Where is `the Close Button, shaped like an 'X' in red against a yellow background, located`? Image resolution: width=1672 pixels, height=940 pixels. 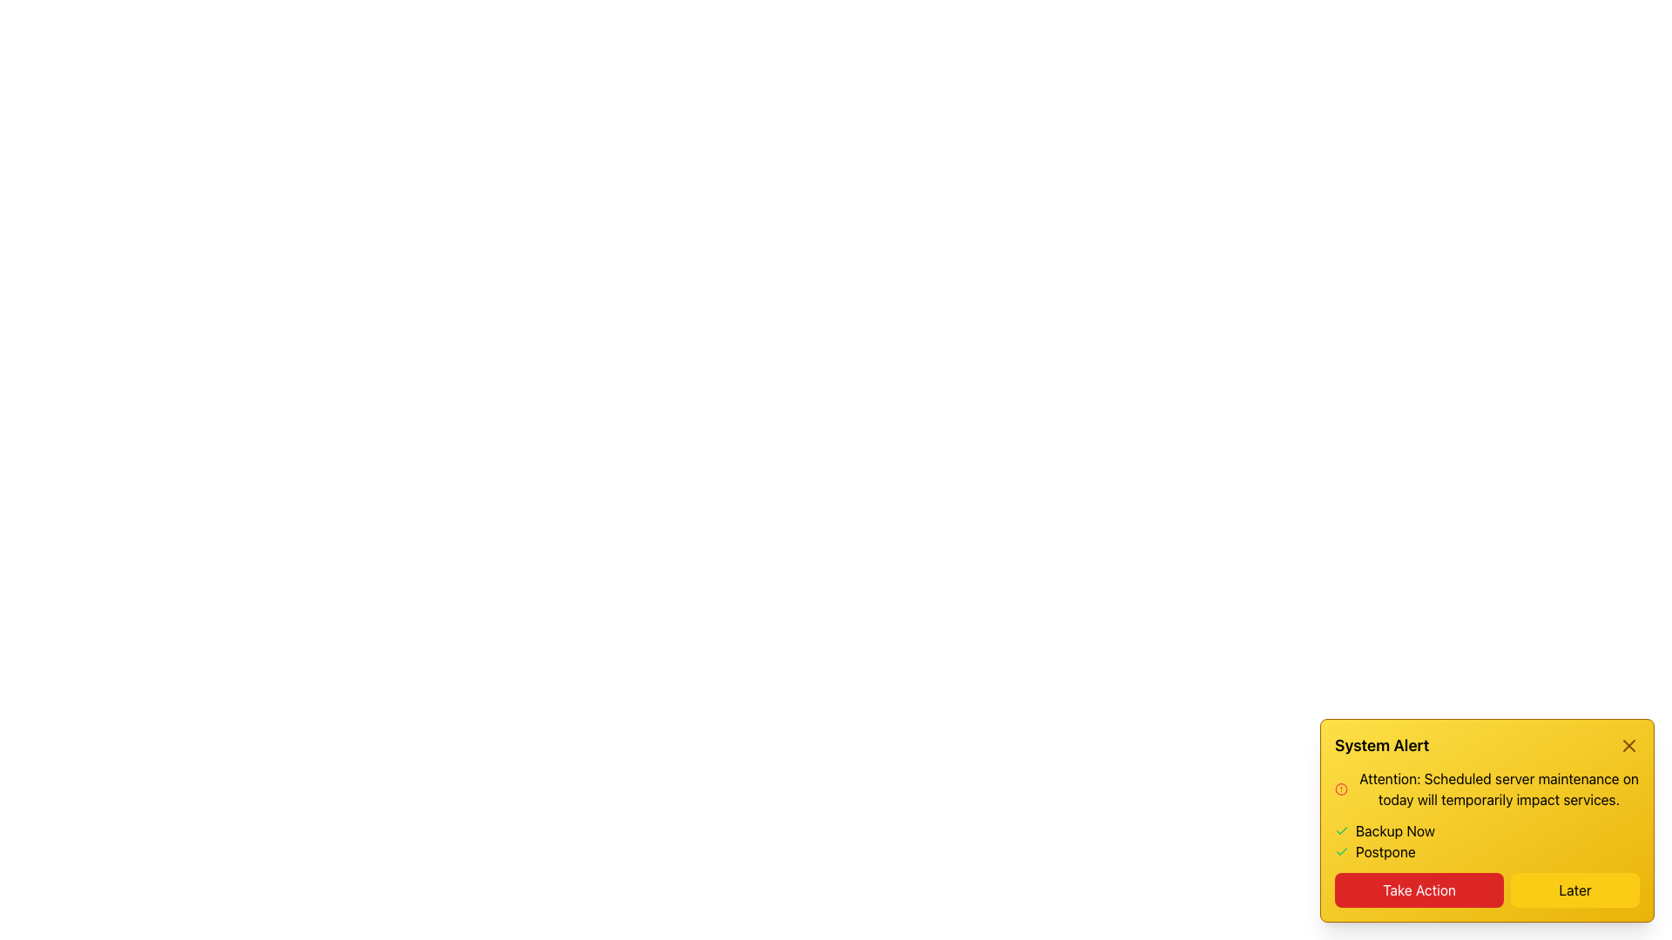
the Close Button, shaped like an 'X' in red against a yellow background, located is located at coordinates (1628, 744).